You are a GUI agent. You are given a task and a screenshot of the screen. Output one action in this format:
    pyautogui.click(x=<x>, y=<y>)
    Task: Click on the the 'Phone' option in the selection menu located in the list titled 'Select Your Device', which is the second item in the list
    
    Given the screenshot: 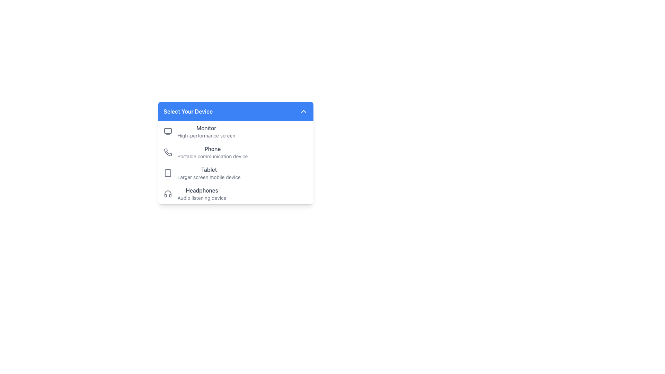 What is the action you would take?
    pyautogui.click(x=236, y=152)
    